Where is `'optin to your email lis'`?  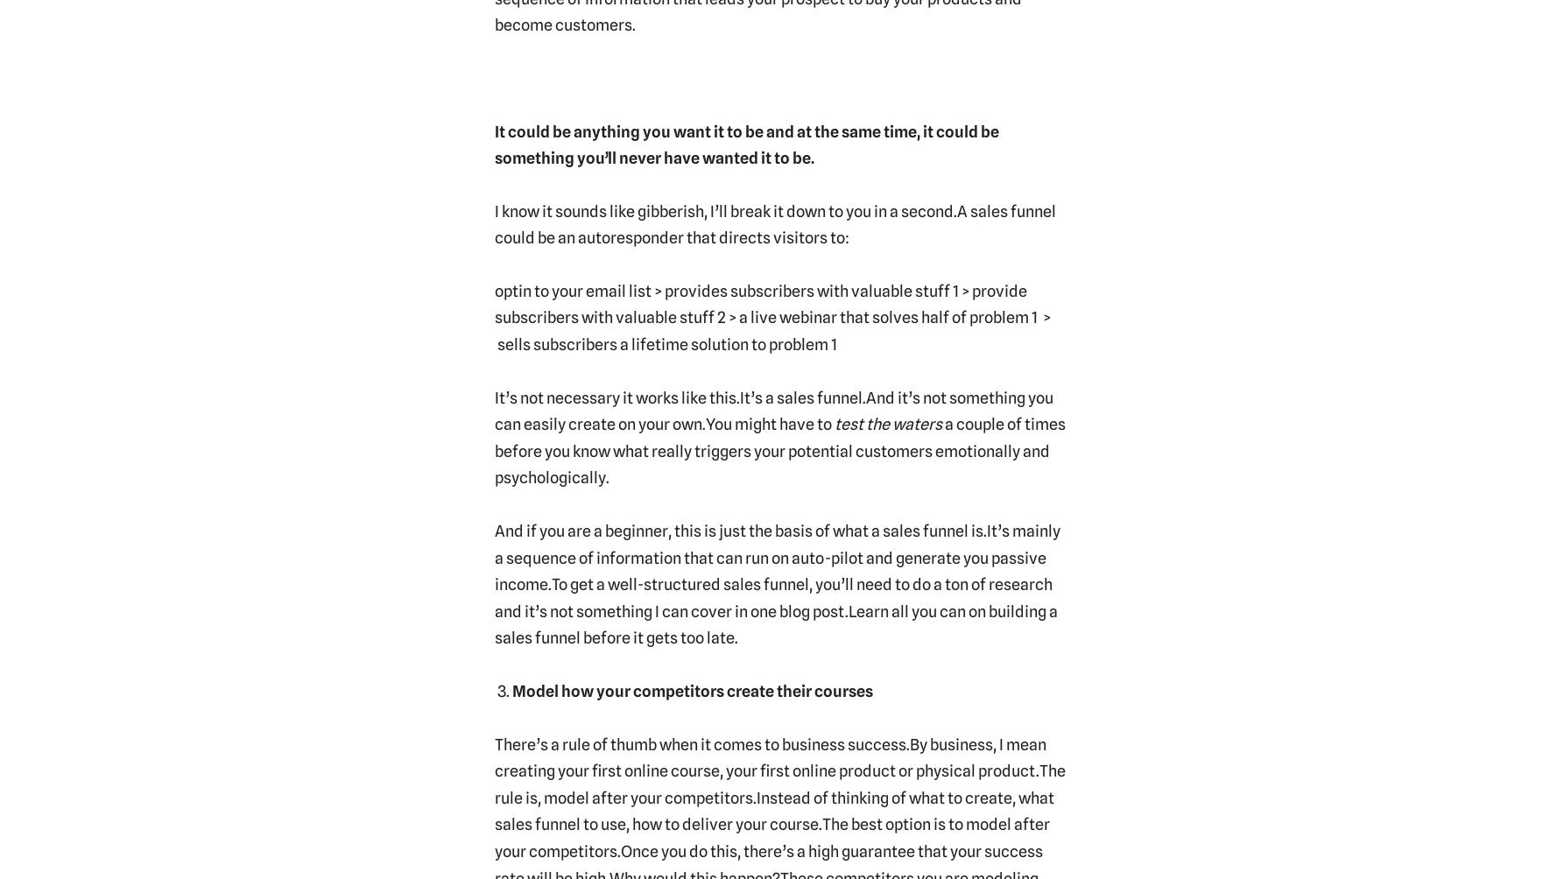
'optin to your email lis' is located at coordinates (568, 290).